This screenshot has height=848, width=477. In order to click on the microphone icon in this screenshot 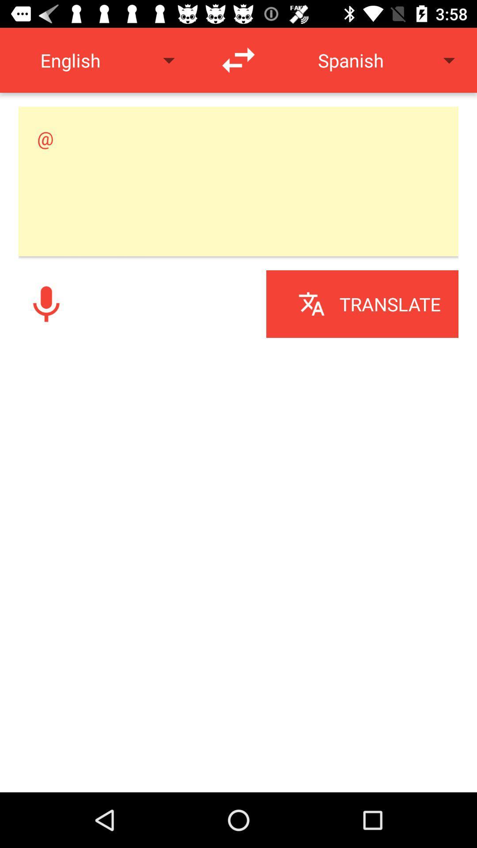, I will do `click(46, 304)`.